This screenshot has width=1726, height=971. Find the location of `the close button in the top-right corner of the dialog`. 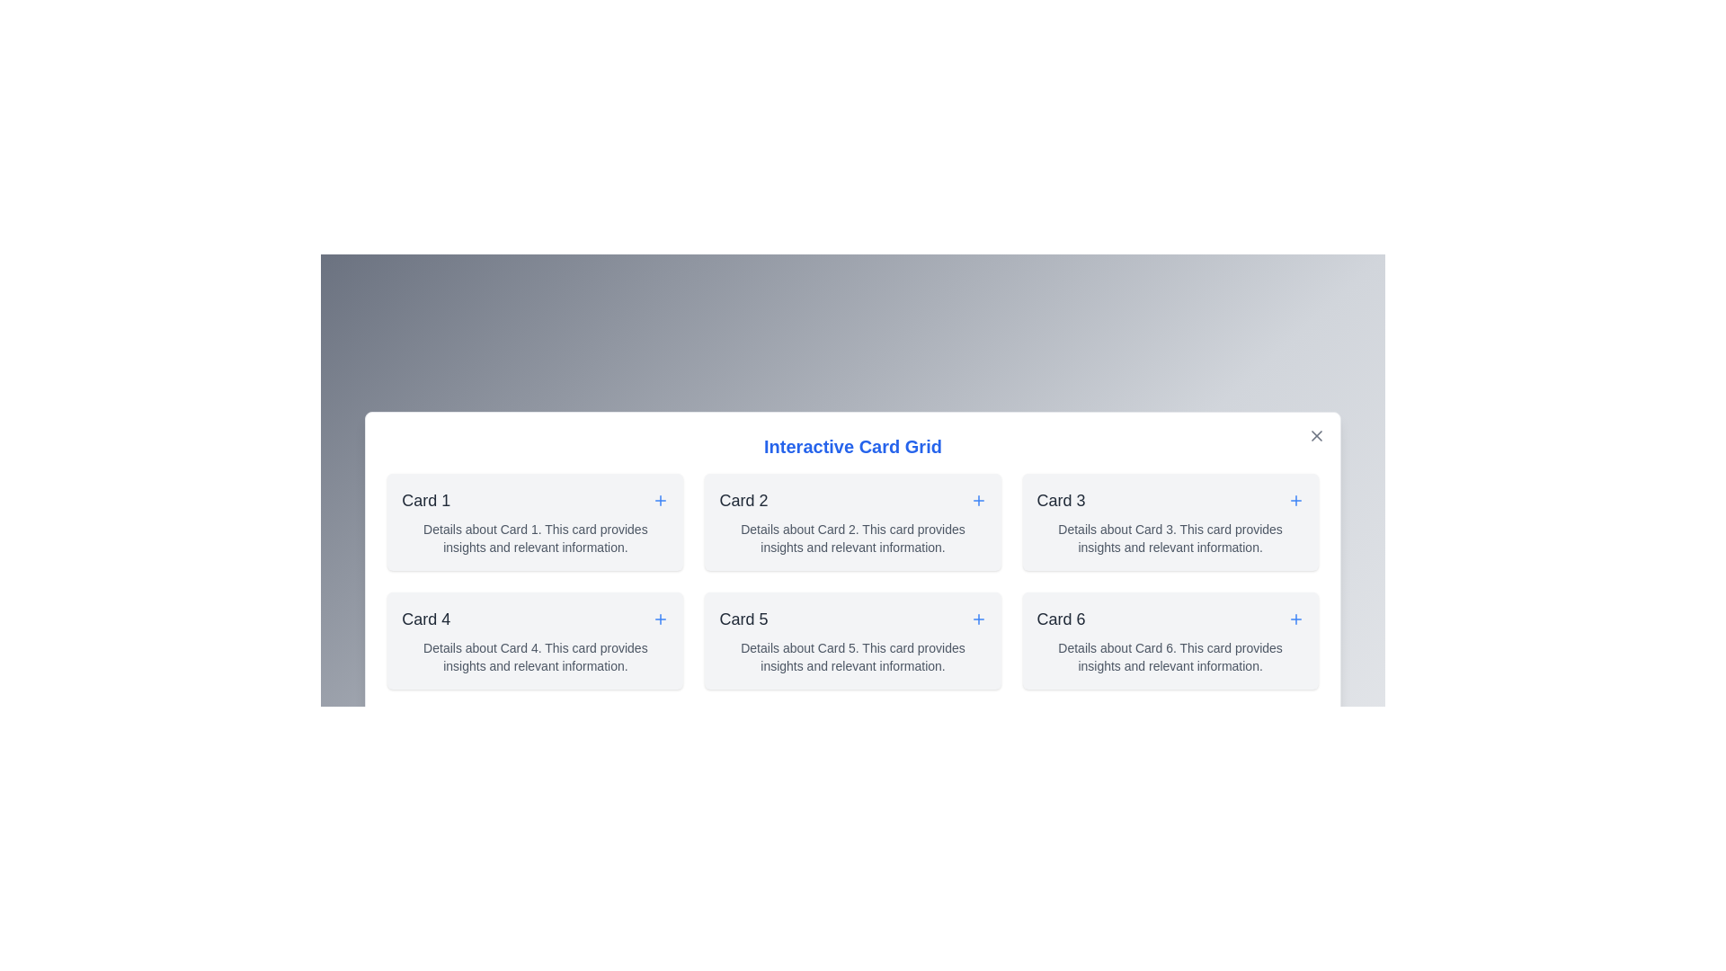

the close button in the top-right corner of the dialog is located at coordinates (1316, 436).